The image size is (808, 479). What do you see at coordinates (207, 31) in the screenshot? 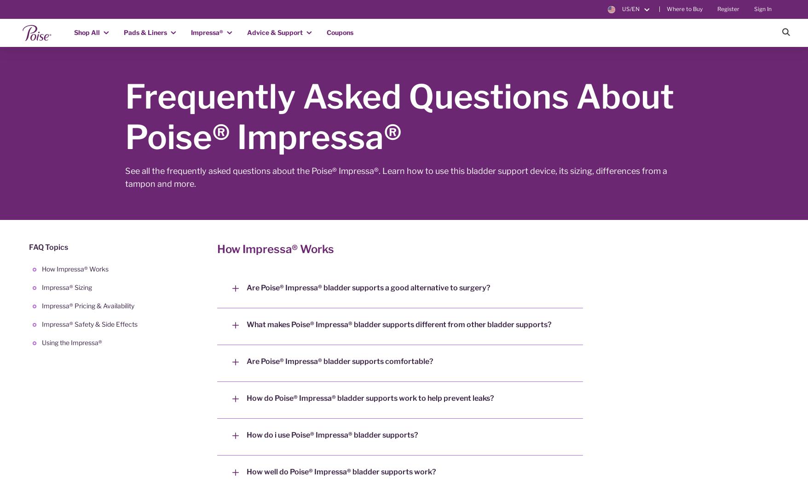
I see `'Impressa®'` at bounding box center [207, 31].